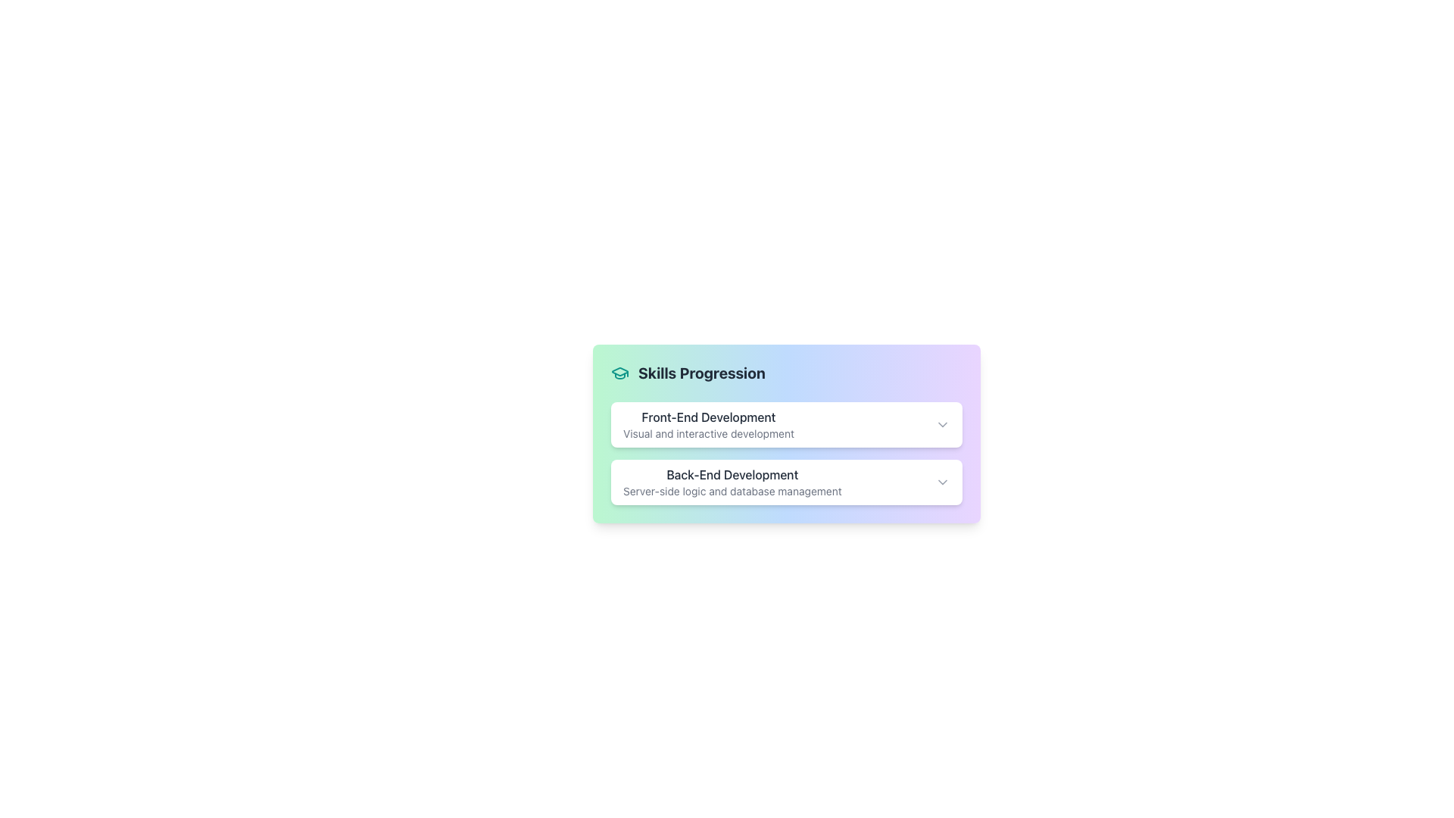 The height and width of the screenshot is (818, 1454). I want to click on the text label reading 'Front-End Development', which is styled in bold dark gray, prominently displayed above the subtext in the 'Skills Progression' card, so click(708, 417).